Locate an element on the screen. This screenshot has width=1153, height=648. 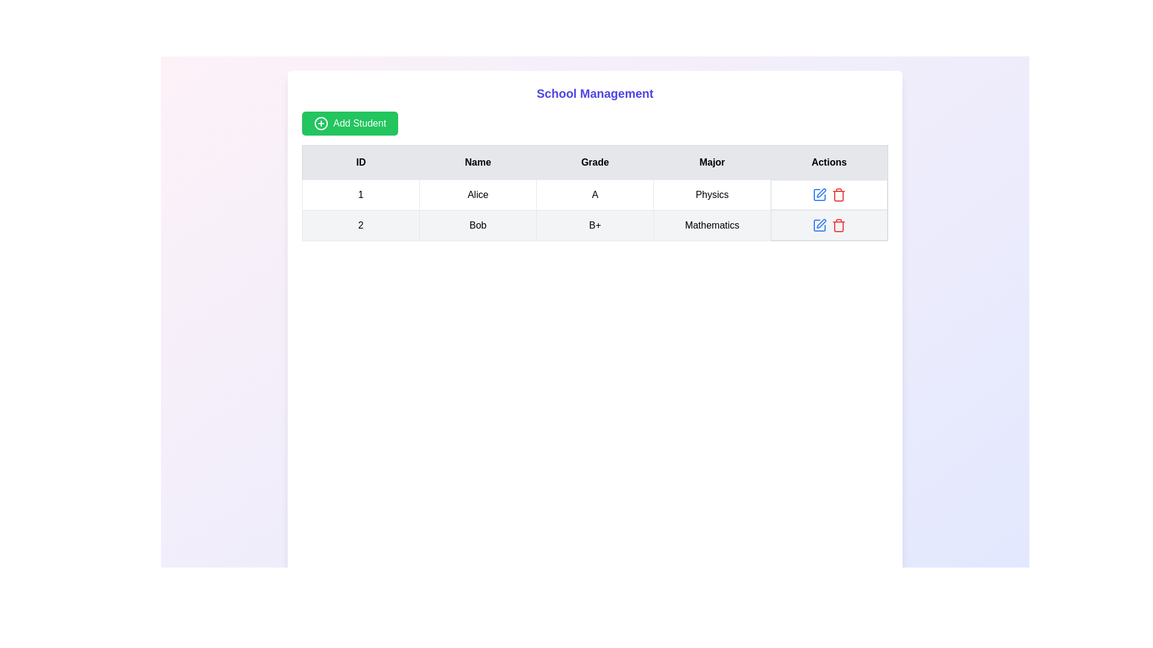
the delete button located in the second row of the 'Actions' column in the table is located at coordinates (838, 224).